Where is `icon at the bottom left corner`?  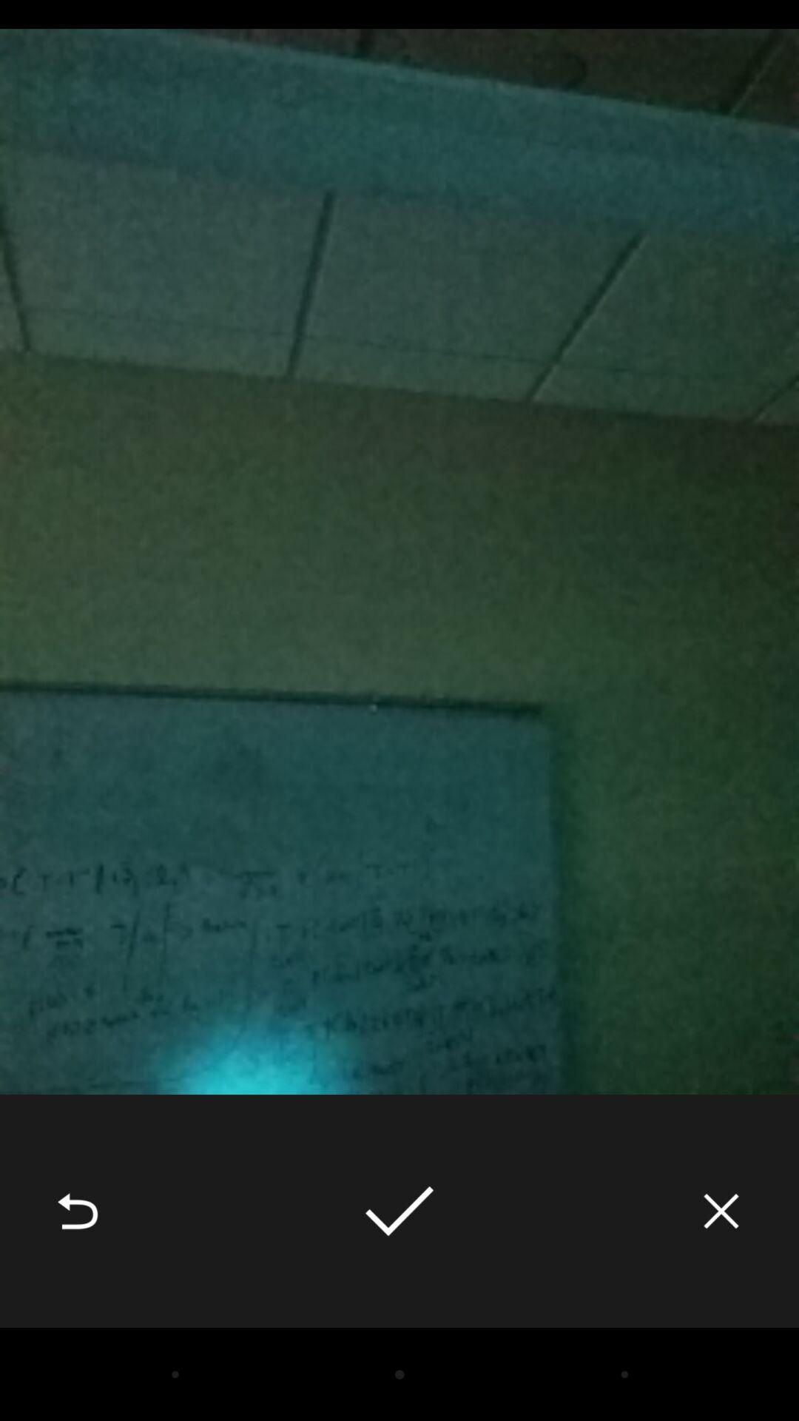 icon at the bottom left corner is located at coordinates (77, 1211).